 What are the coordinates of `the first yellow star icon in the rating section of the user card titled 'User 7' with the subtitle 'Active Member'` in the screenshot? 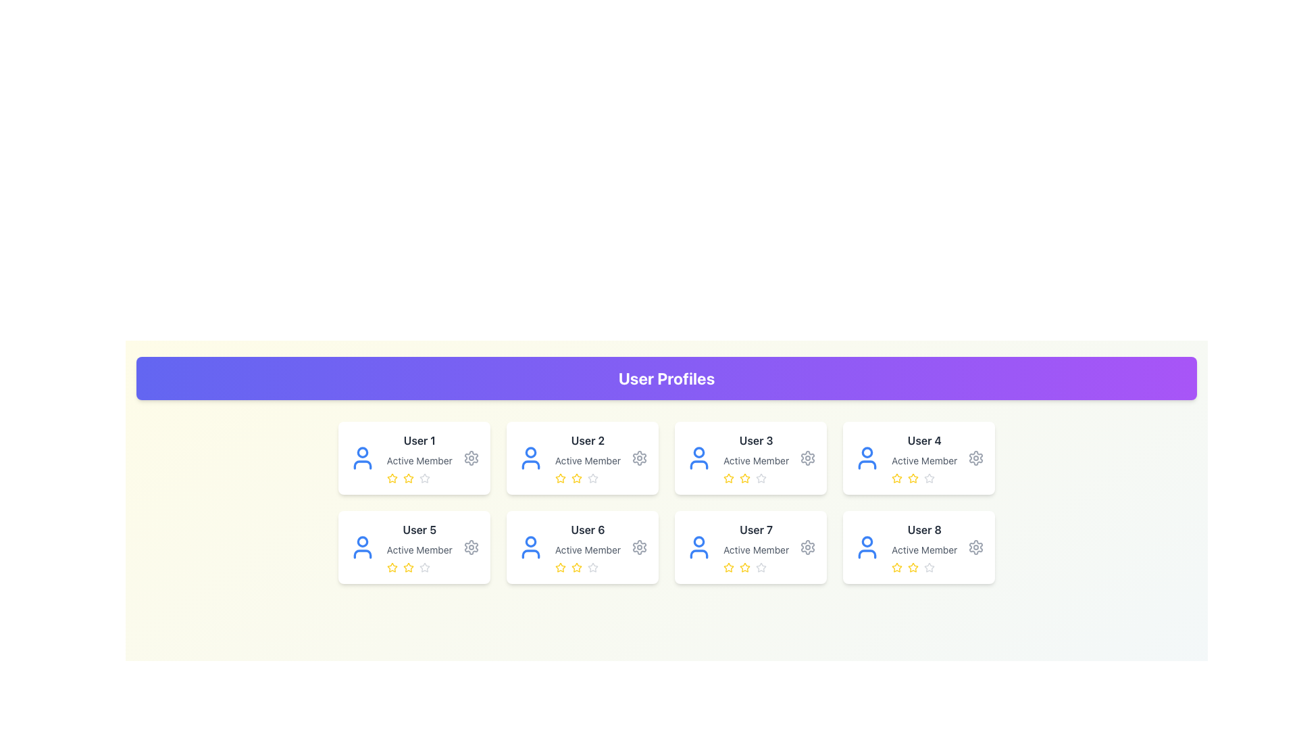 It's located at (728, 568).